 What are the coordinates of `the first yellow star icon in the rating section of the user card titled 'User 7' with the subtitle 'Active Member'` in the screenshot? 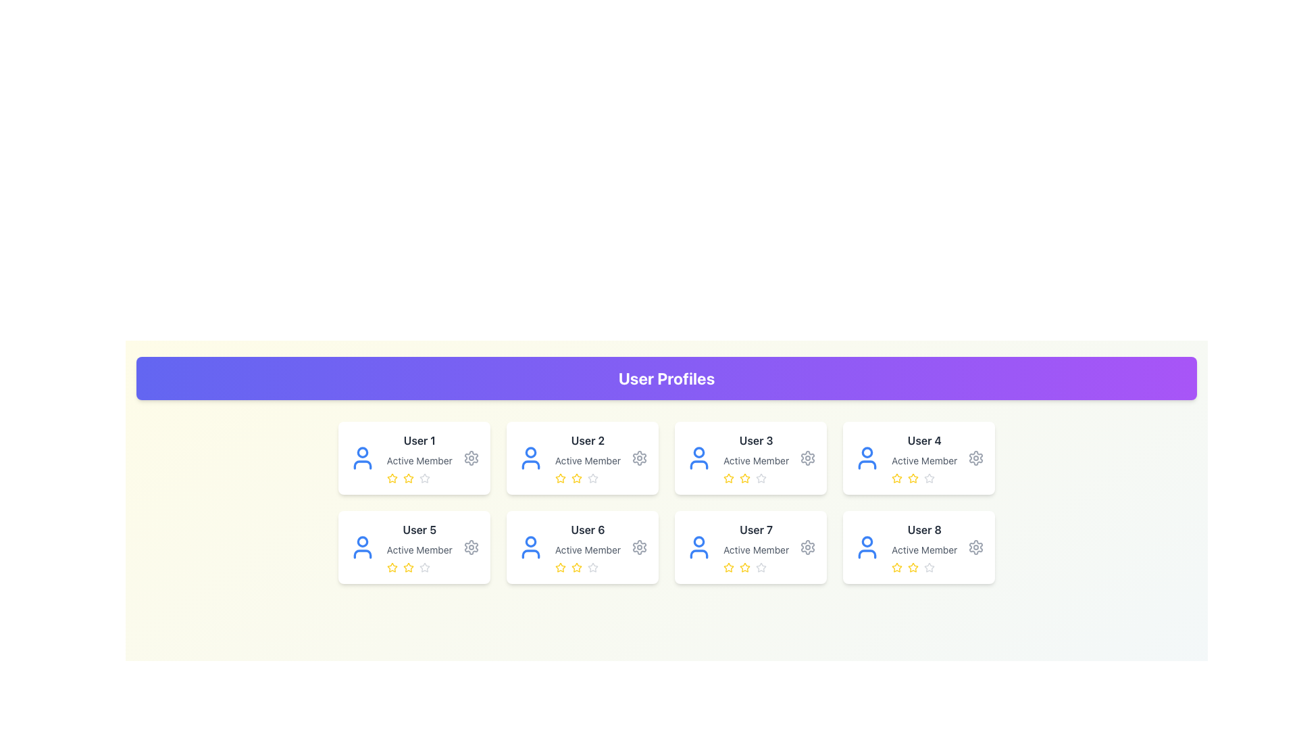 It's located at (728, 568).